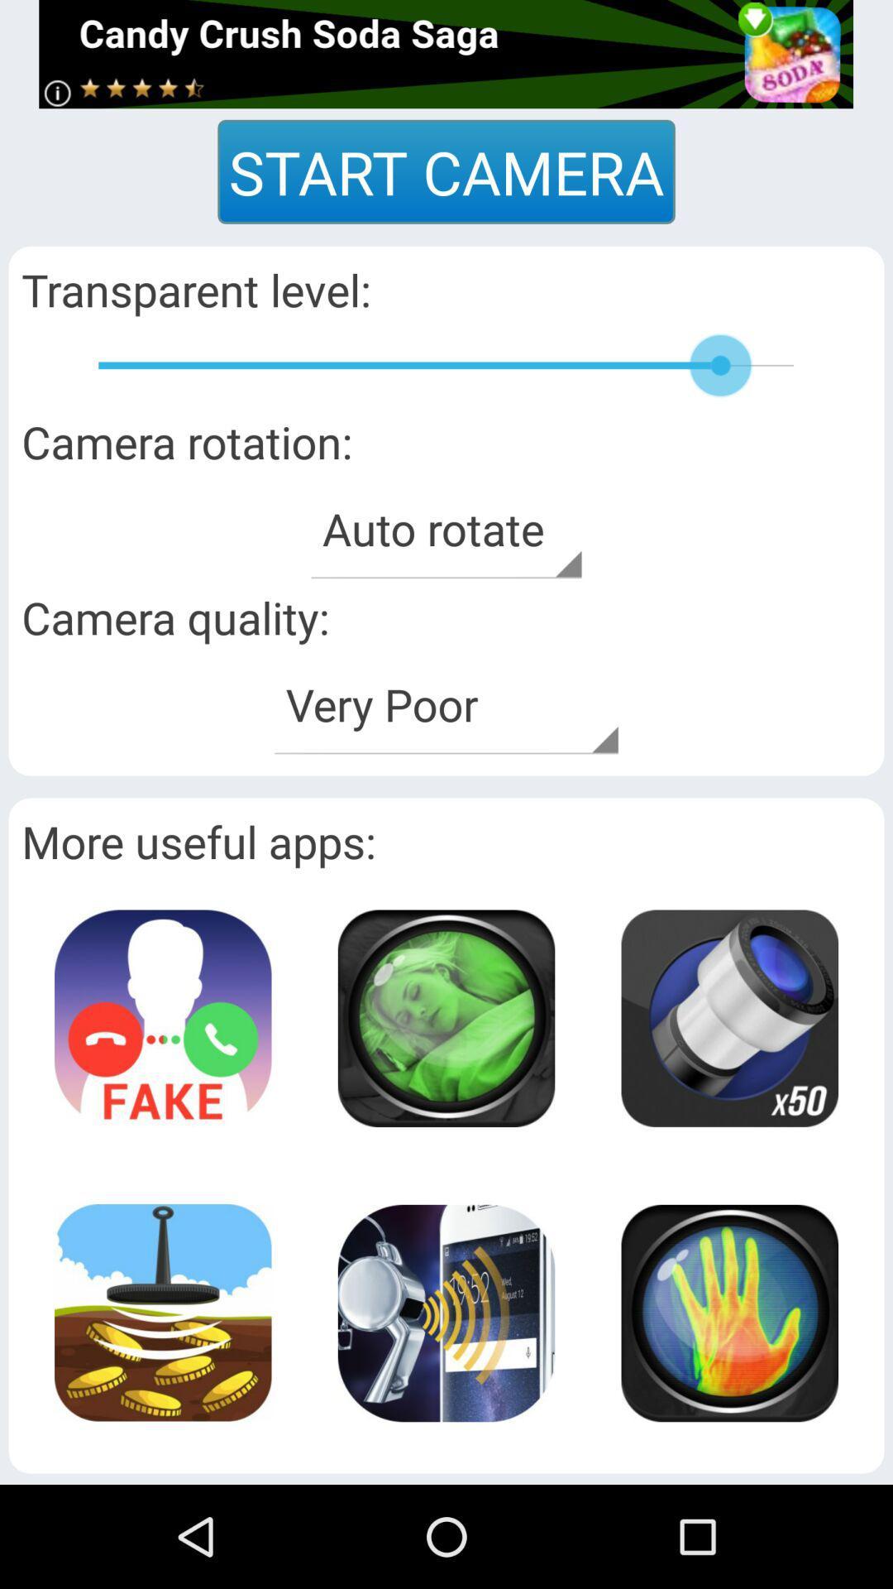 The width and height of the screenshot is (893, 1589). I want to click on useful app, so click(445, 1017).